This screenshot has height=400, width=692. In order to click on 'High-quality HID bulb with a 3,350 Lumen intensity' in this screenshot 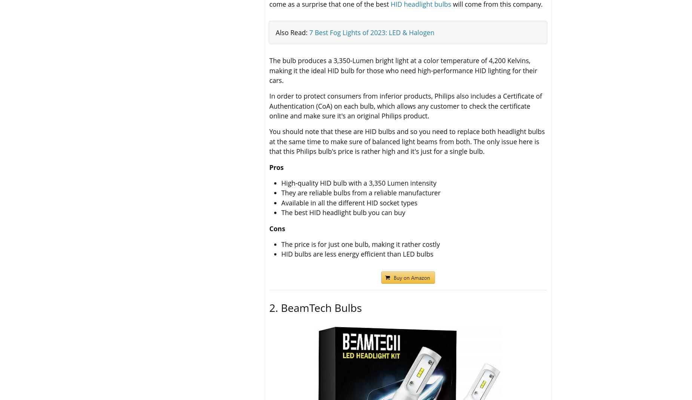, I will do `click(358, 182)`.